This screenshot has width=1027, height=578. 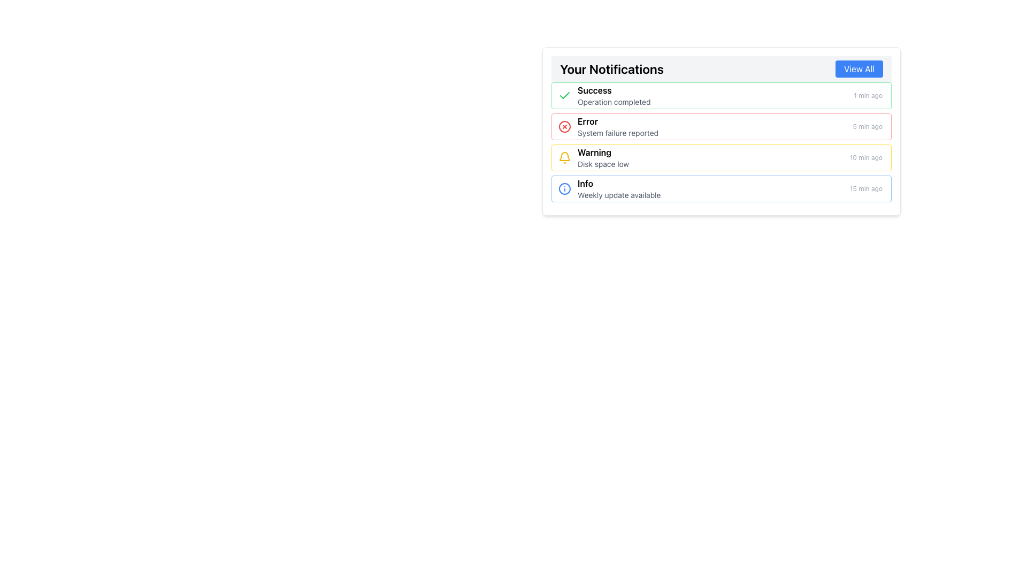 What do you see at coordinates (564, 95) in the screenshot?
I see `the green checkmark icon located next to the 'Success' label in the notification listing` at bounding box center [564, 95].